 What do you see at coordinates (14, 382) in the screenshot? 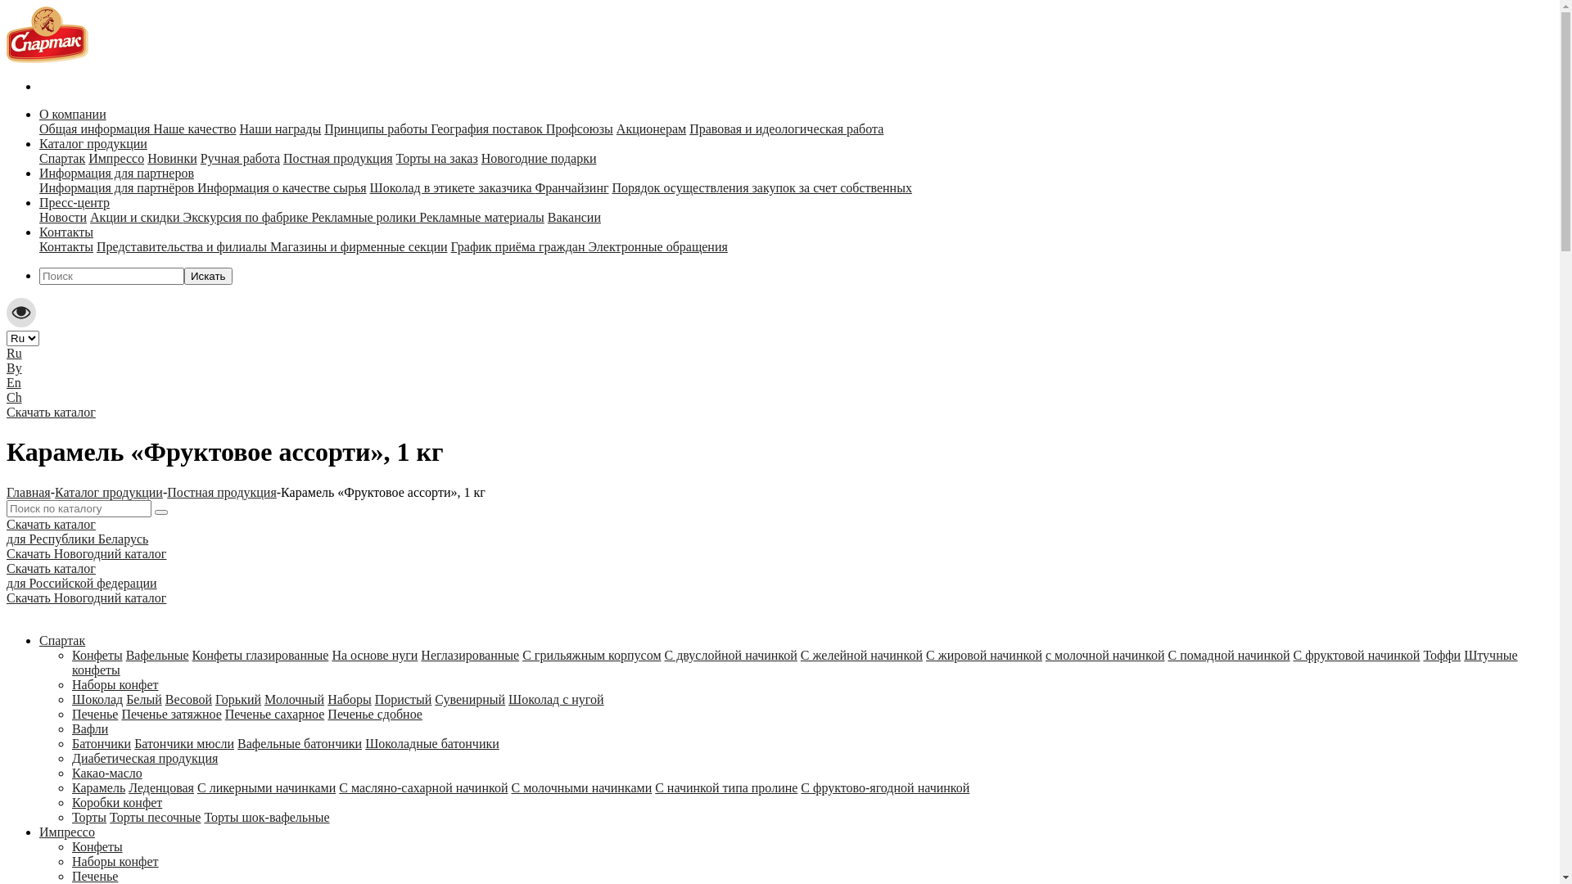
I see `'En'` at bounding box center [14, 382].